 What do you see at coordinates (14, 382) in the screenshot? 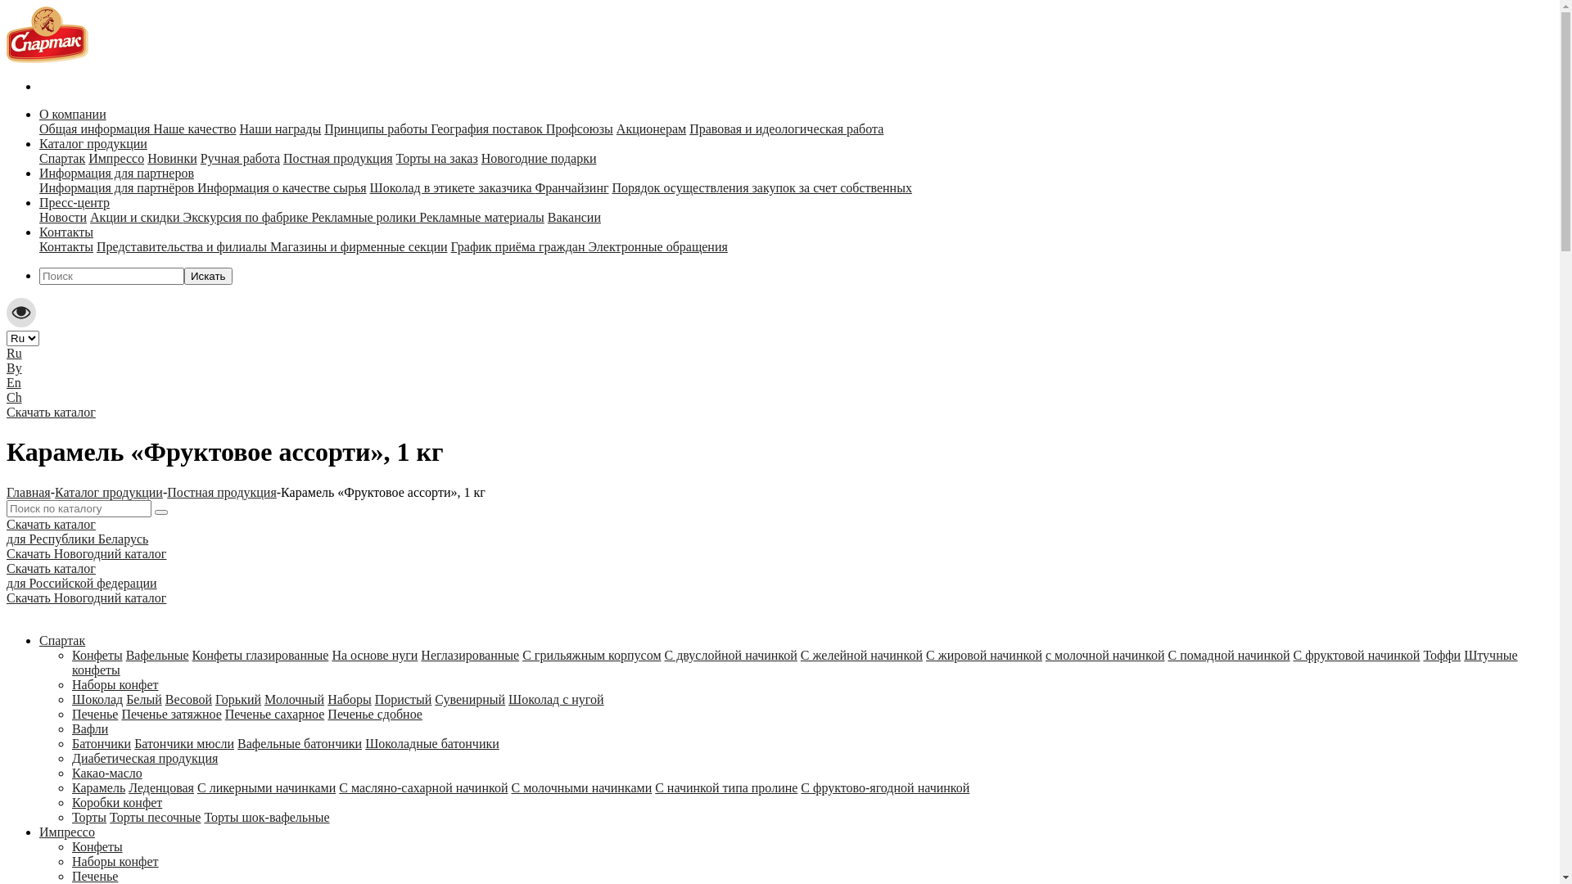
I see `'En'` at bounding box center [14, 382].